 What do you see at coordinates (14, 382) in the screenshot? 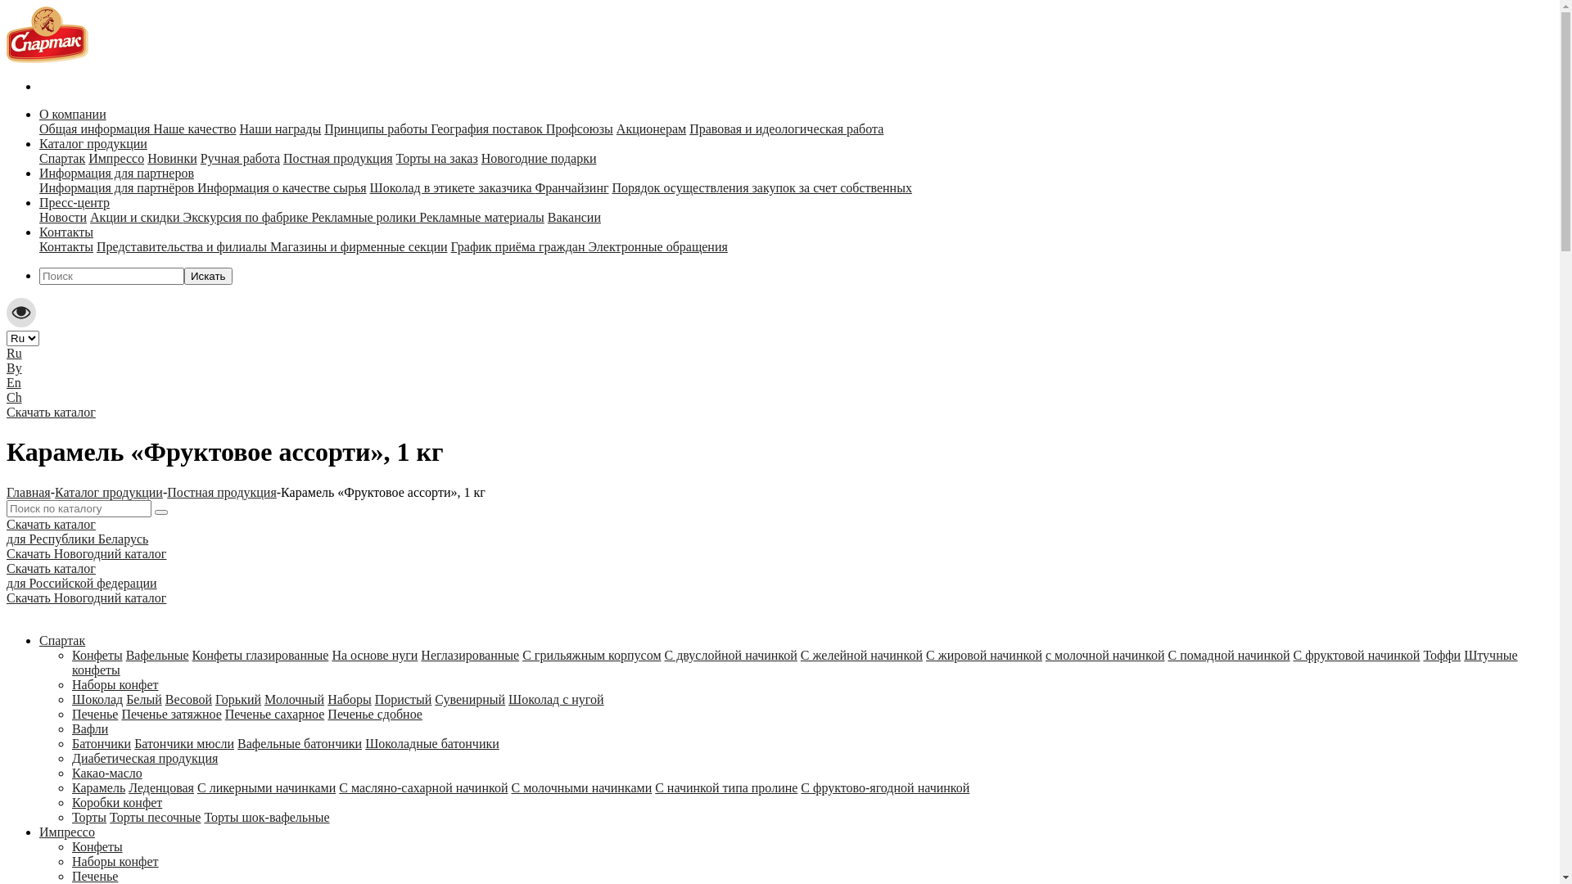
I see `'En'` at bounding box center [14, 382].